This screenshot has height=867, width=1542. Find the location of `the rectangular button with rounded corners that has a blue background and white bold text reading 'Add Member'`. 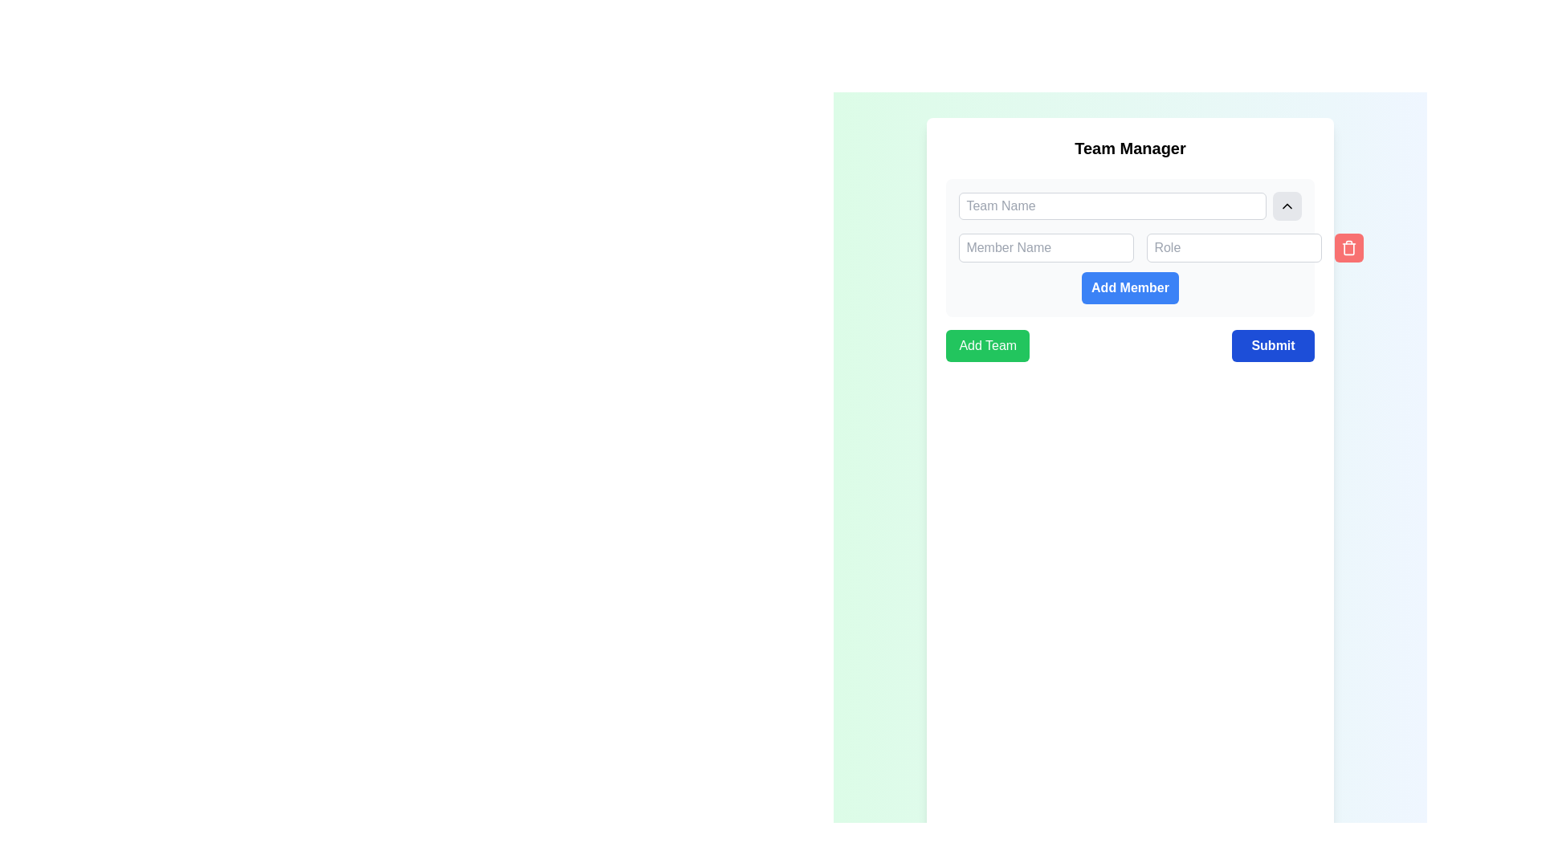

the rectangular button with rounded corners that has a blue background and white bold text reading 'Add Member' is located at coordinates (1129, 287).